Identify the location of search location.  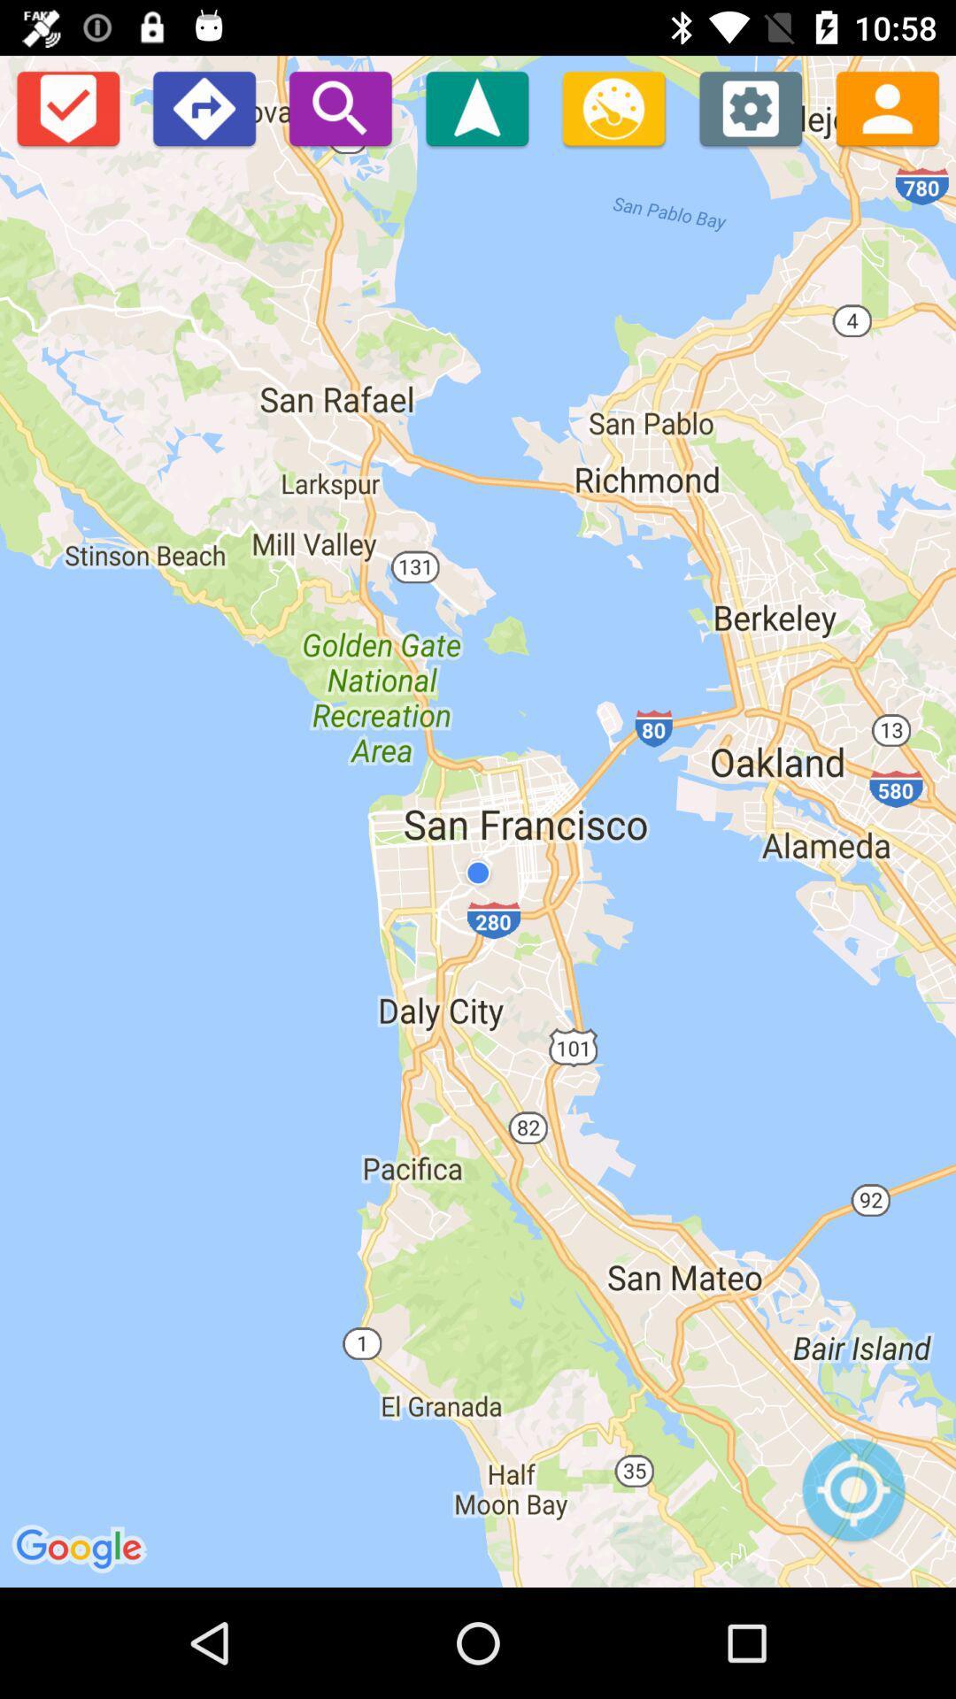
(340, 107).